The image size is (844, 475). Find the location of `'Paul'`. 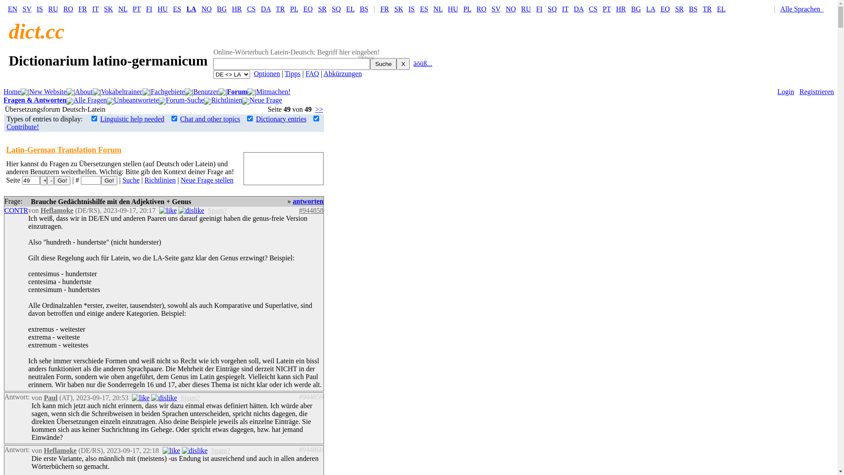

'Paul' is located at coordinates (44, 398).